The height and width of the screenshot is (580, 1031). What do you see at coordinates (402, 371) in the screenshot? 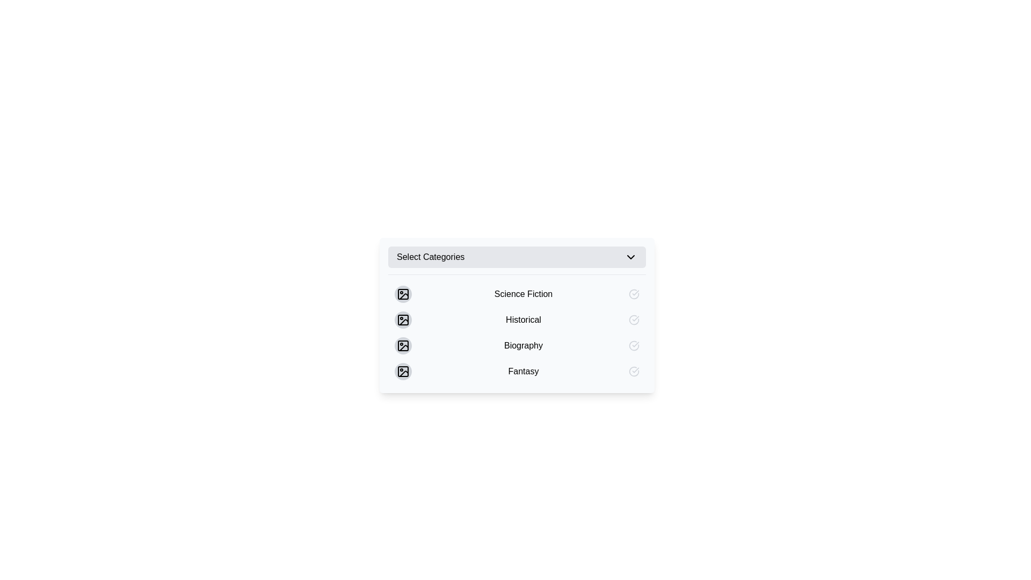
I see `the icon with a red border representing the 'Fantasy' category, located at the bottommost position in the left column of the list` at bounding box center [402, 371].